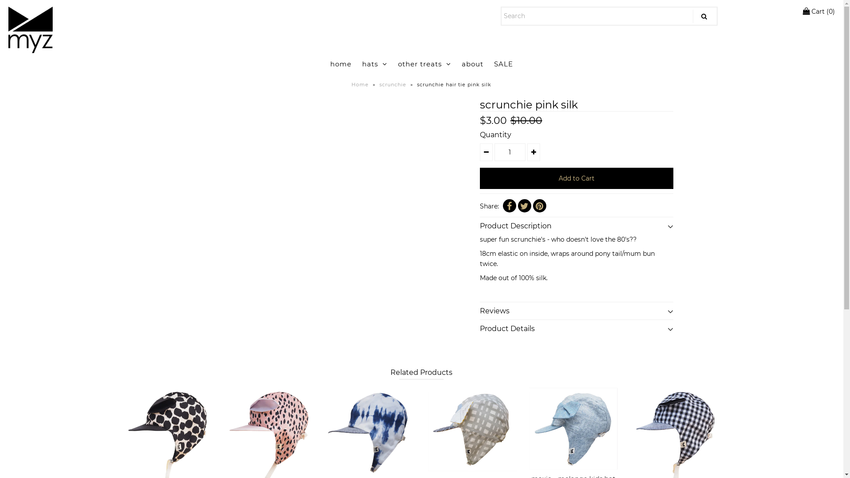  What do you see at coordinates (576, 178) in the screenshot?
I see `'Add to Cart'` at bounding box center [576, 178].